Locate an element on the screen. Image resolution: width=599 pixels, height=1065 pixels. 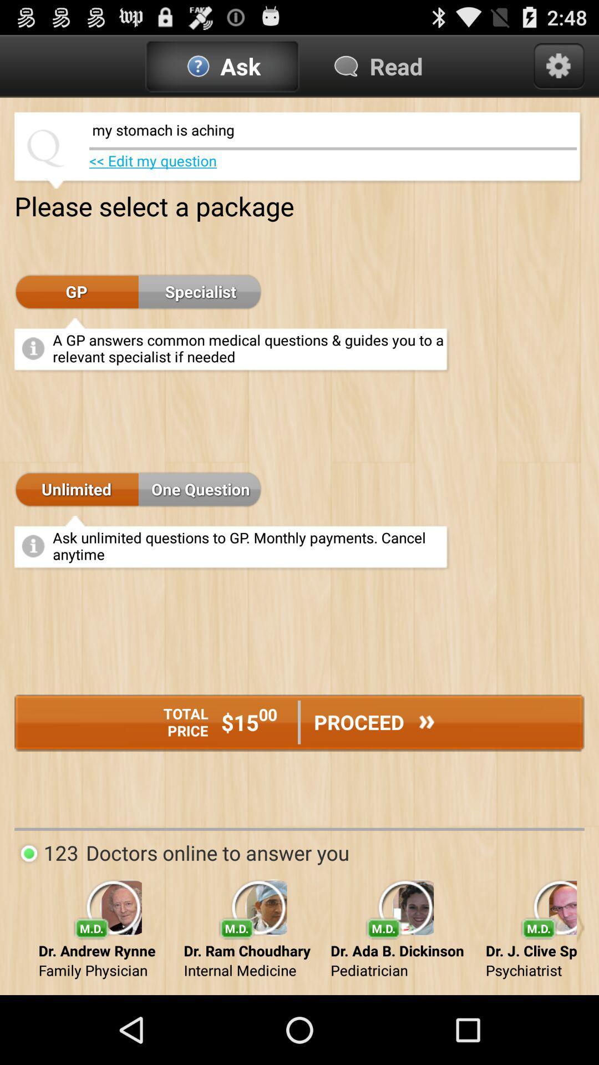
the options edit my questions is located at coordinates (153, 160).